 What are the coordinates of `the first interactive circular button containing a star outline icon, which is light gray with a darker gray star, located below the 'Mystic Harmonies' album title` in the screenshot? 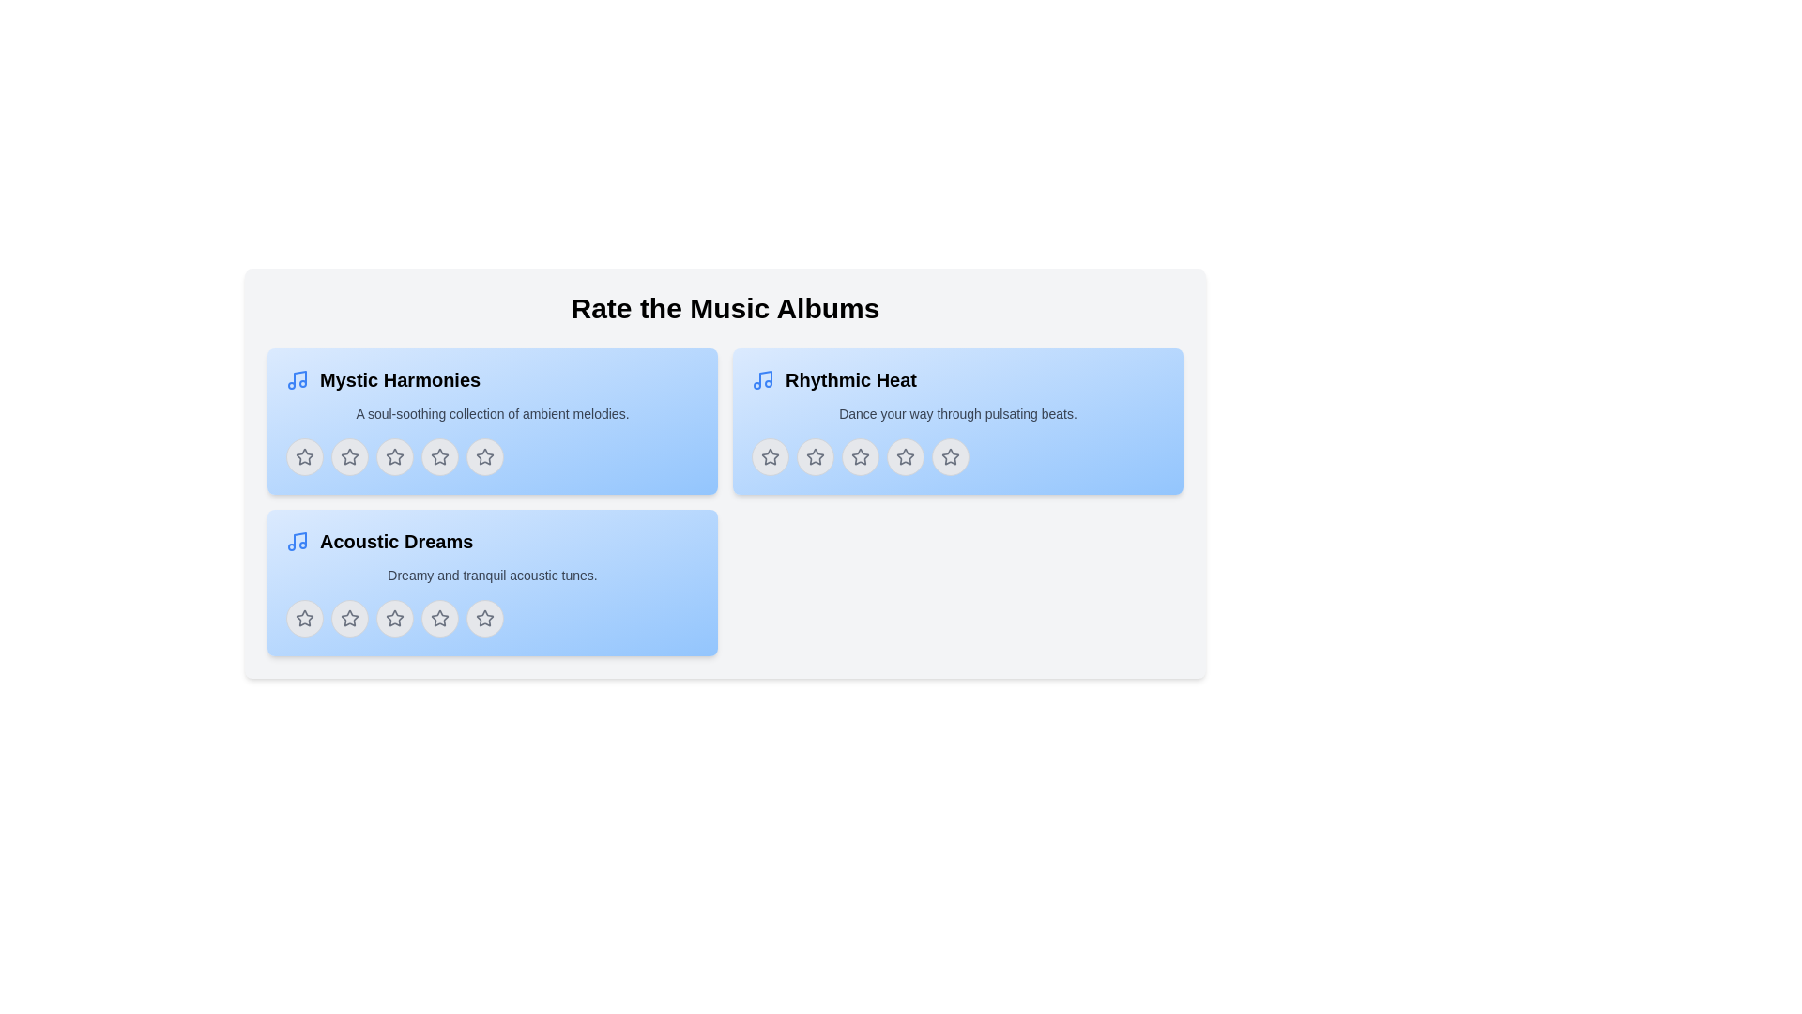 It's located at (305, 456).